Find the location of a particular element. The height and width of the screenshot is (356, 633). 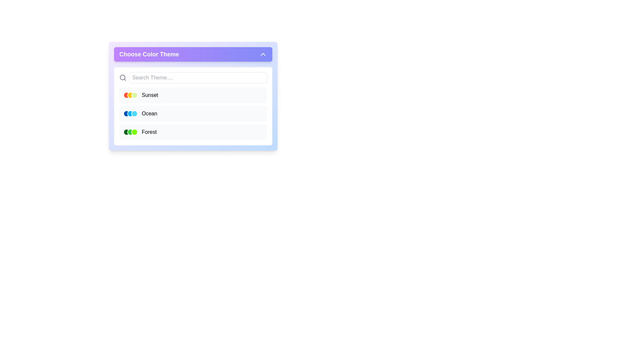

the first selectable option in the theme selector dropdown that allows the user to choose the 'Sunset' color theme, located just below the search bar is located at coordinates (193, 96).